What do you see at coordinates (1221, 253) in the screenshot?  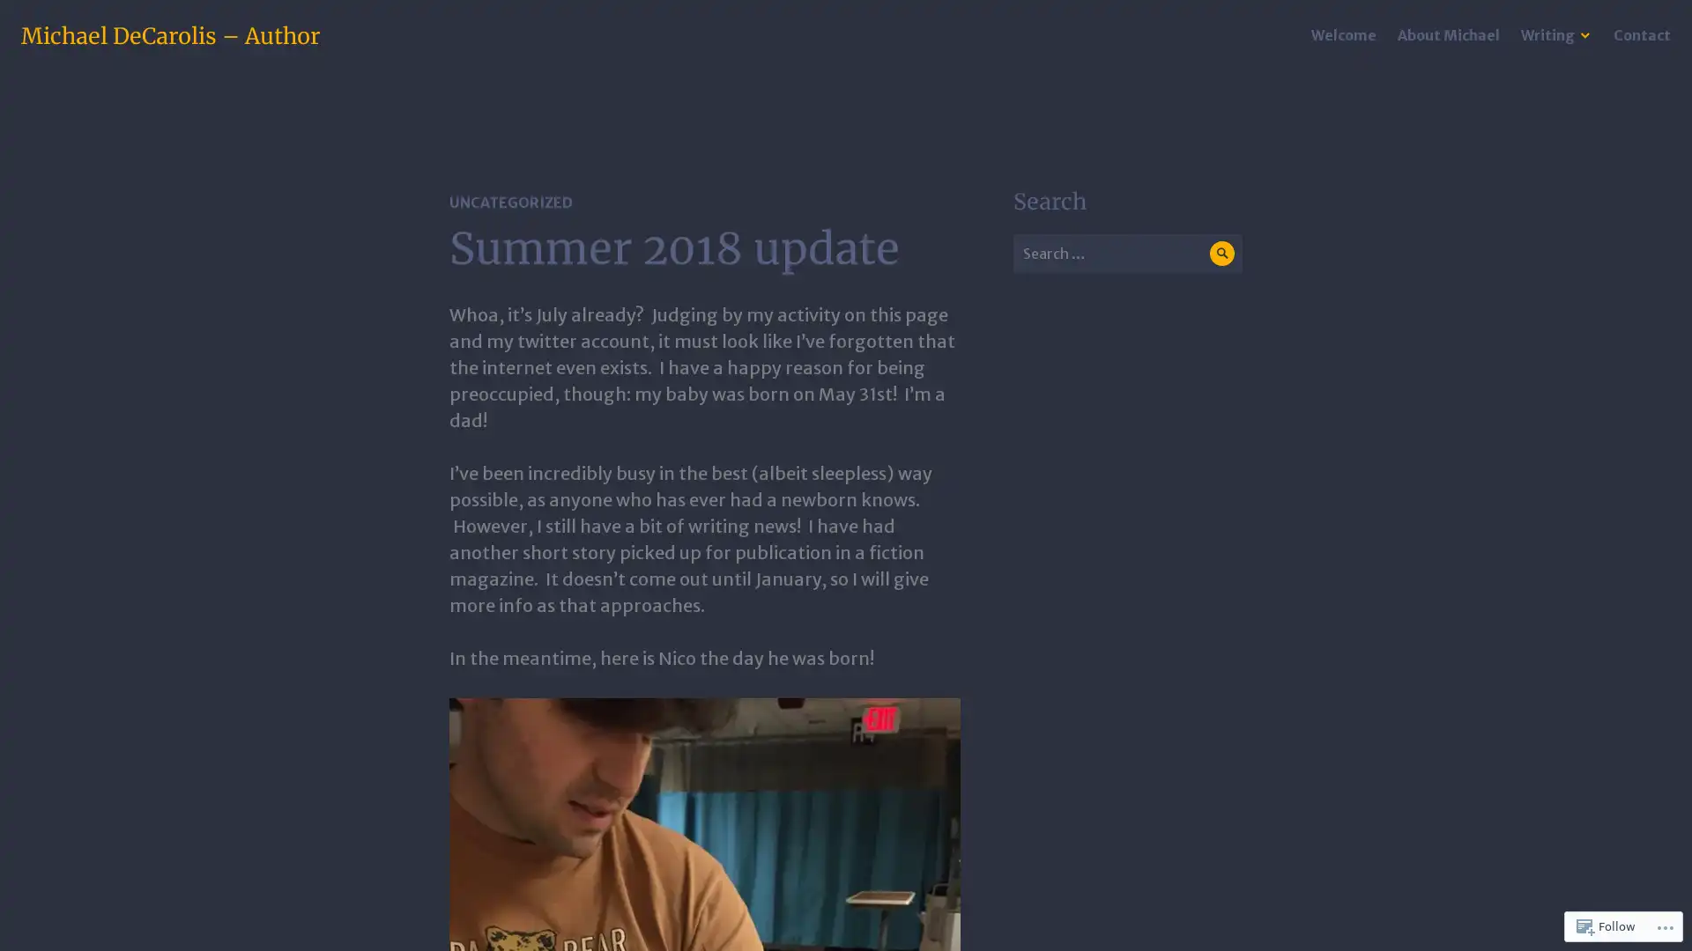 I see `Search` at bounding box center [1221, 253].